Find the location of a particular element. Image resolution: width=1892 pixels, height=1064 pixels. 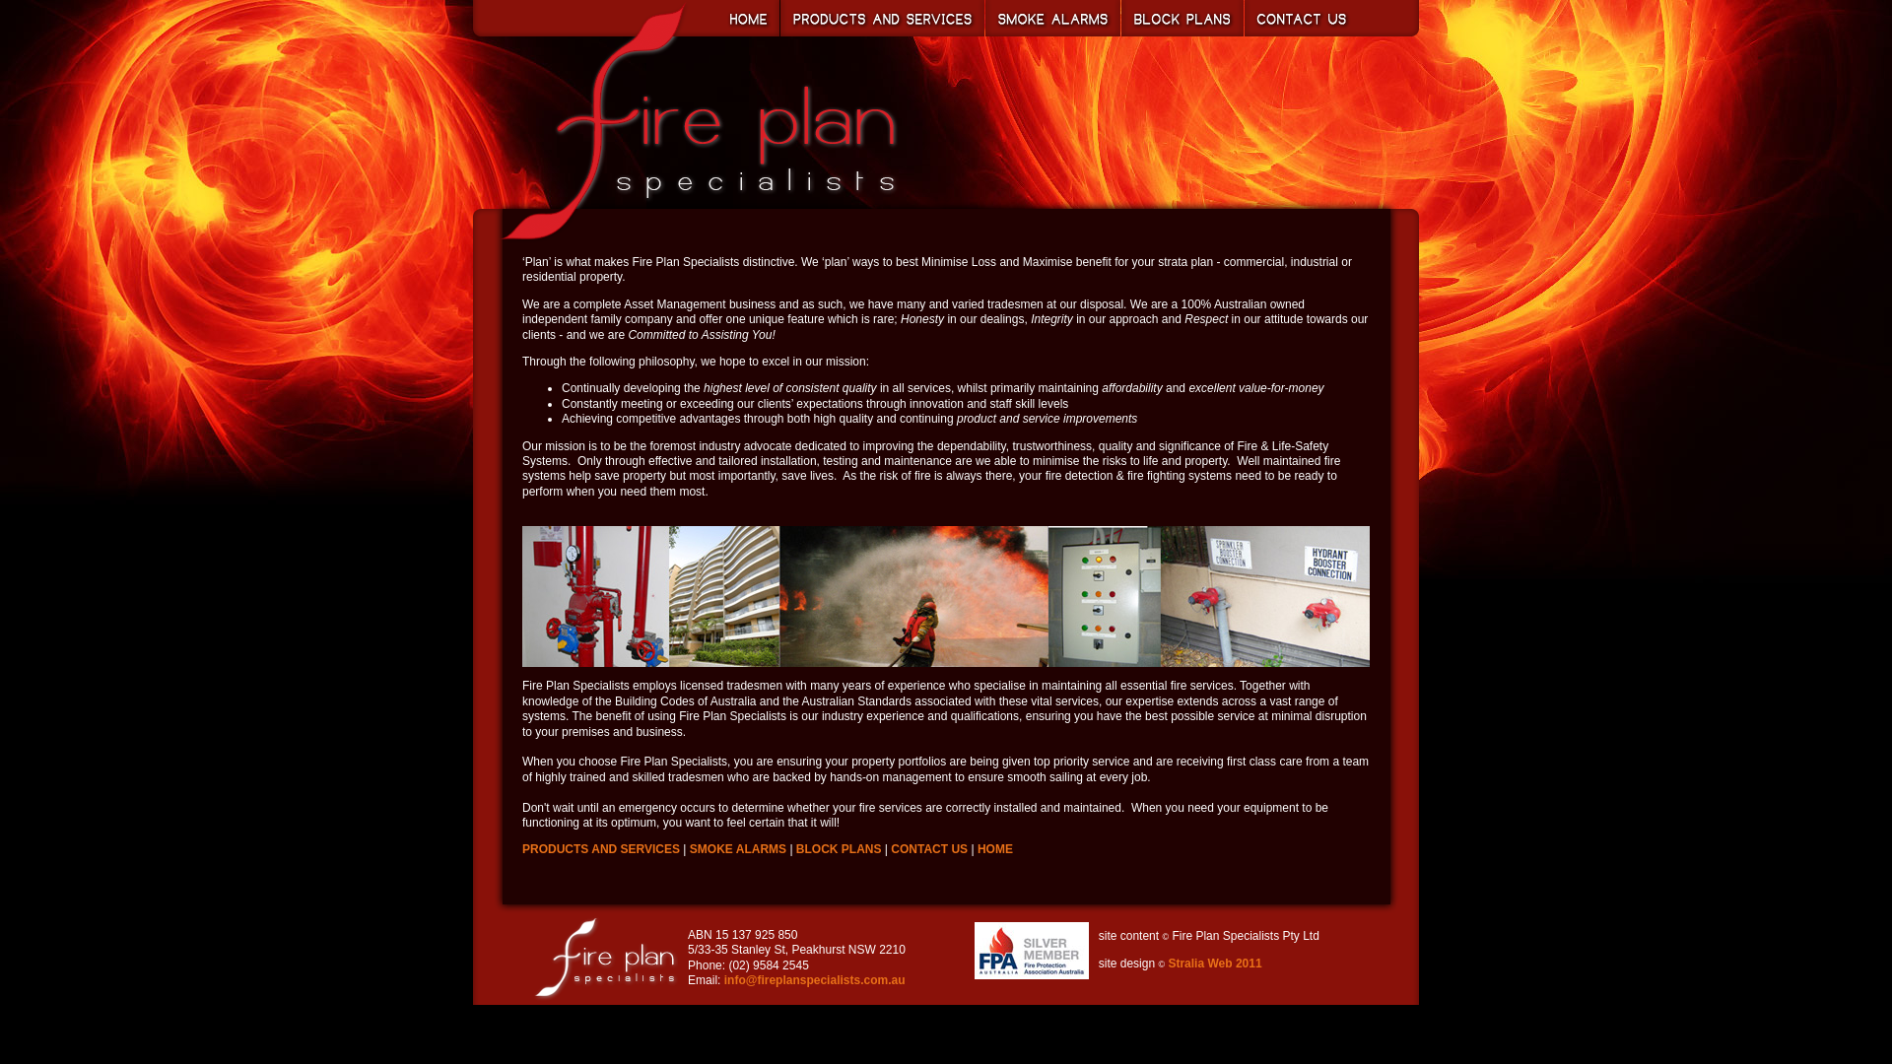

'BLOCK PLANS' is located at coordinates (795, 847).